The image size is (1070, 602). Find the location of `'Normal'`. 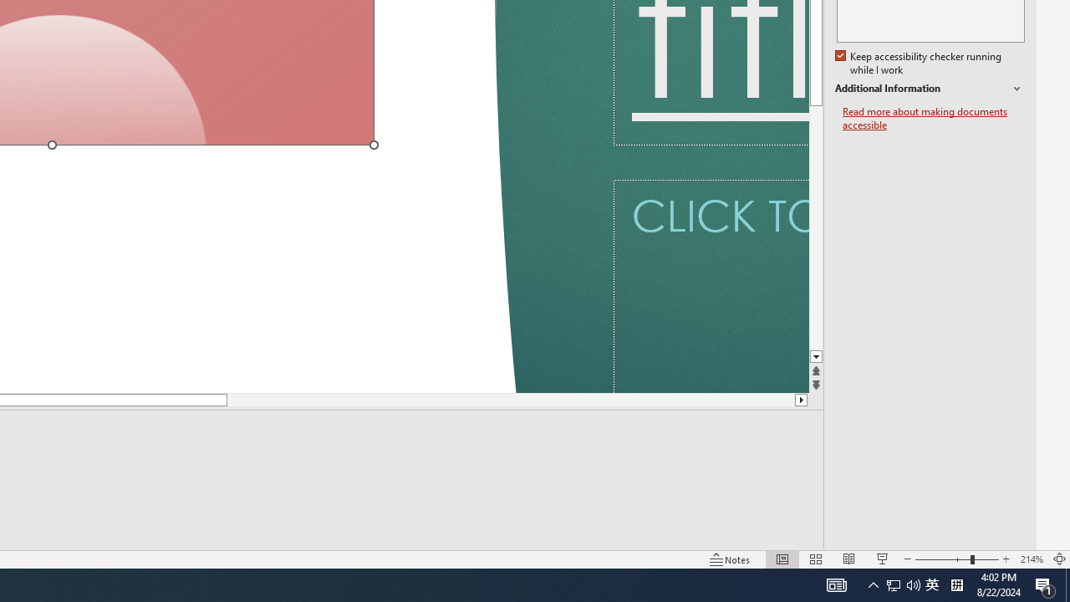

'Normal' is located at coordinates (782, 559).